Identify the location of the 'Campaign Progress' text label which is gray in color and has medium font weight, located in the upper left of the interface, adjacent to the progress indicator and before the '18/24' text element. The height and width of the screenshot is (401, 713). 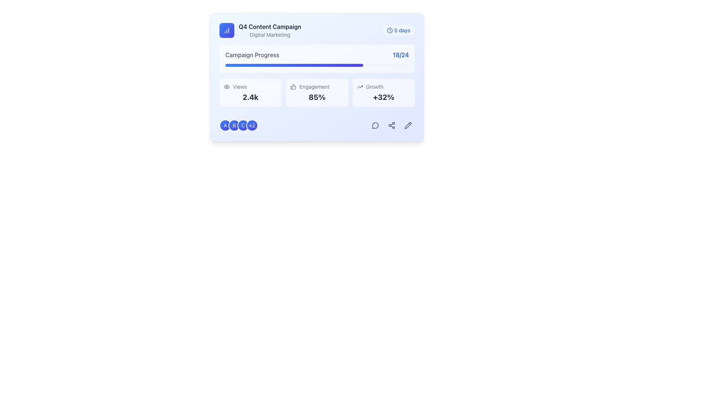
(252, 54).